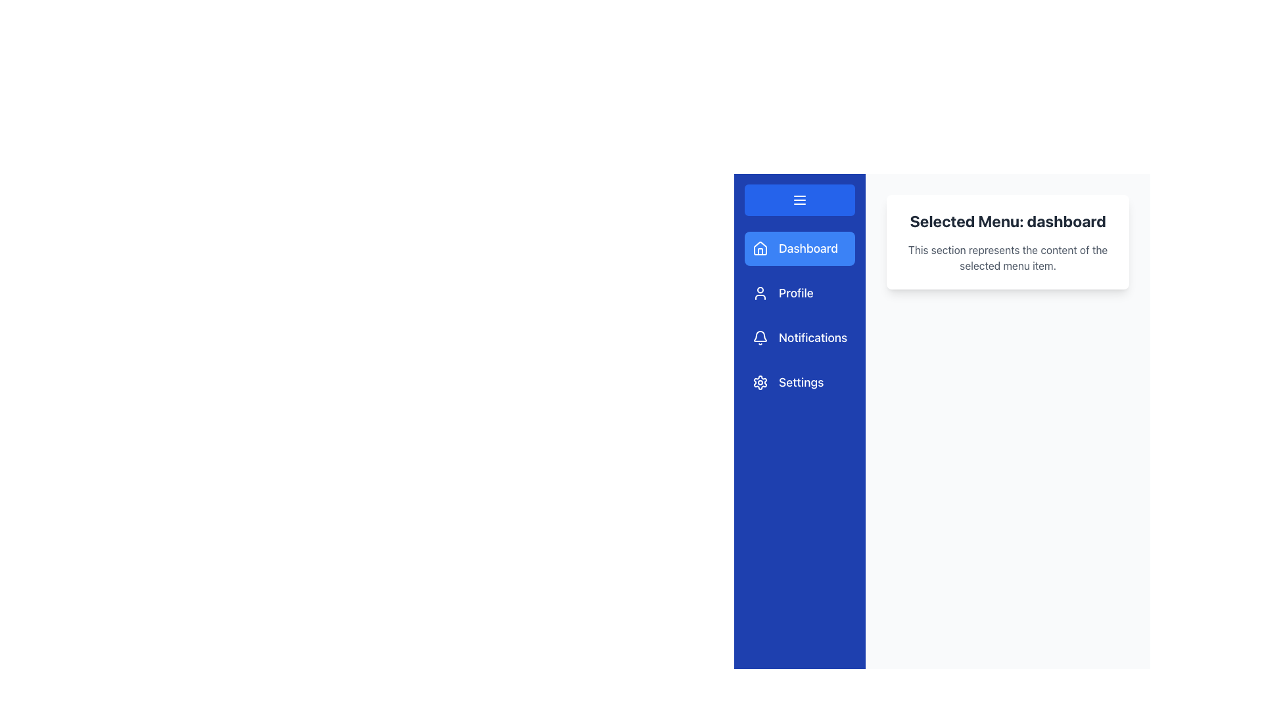  Describe the element at coordinates (799, 337) in the screenshot. I see `the 'Notifications' button in the vertical menu panel` at that location.